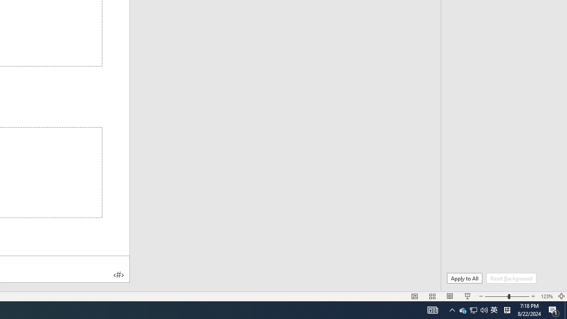 The image size is (567, 319). Describe the element at coordinates (511, 278) in the screenshot. I see `'Reset Background'` at that location.